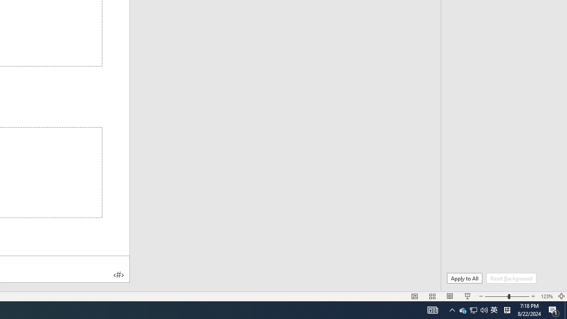 The image size is (567, 319). Describe the element at coordinates (511, 278) in the screenshot. I see `'Reset Background'` at that location.